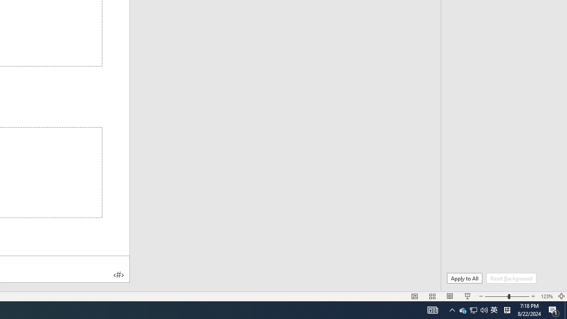 The image size is (567, 319). Describe the element at coordinates (511, 278) in the screenshot. I see `'Reset Background'` at that location.